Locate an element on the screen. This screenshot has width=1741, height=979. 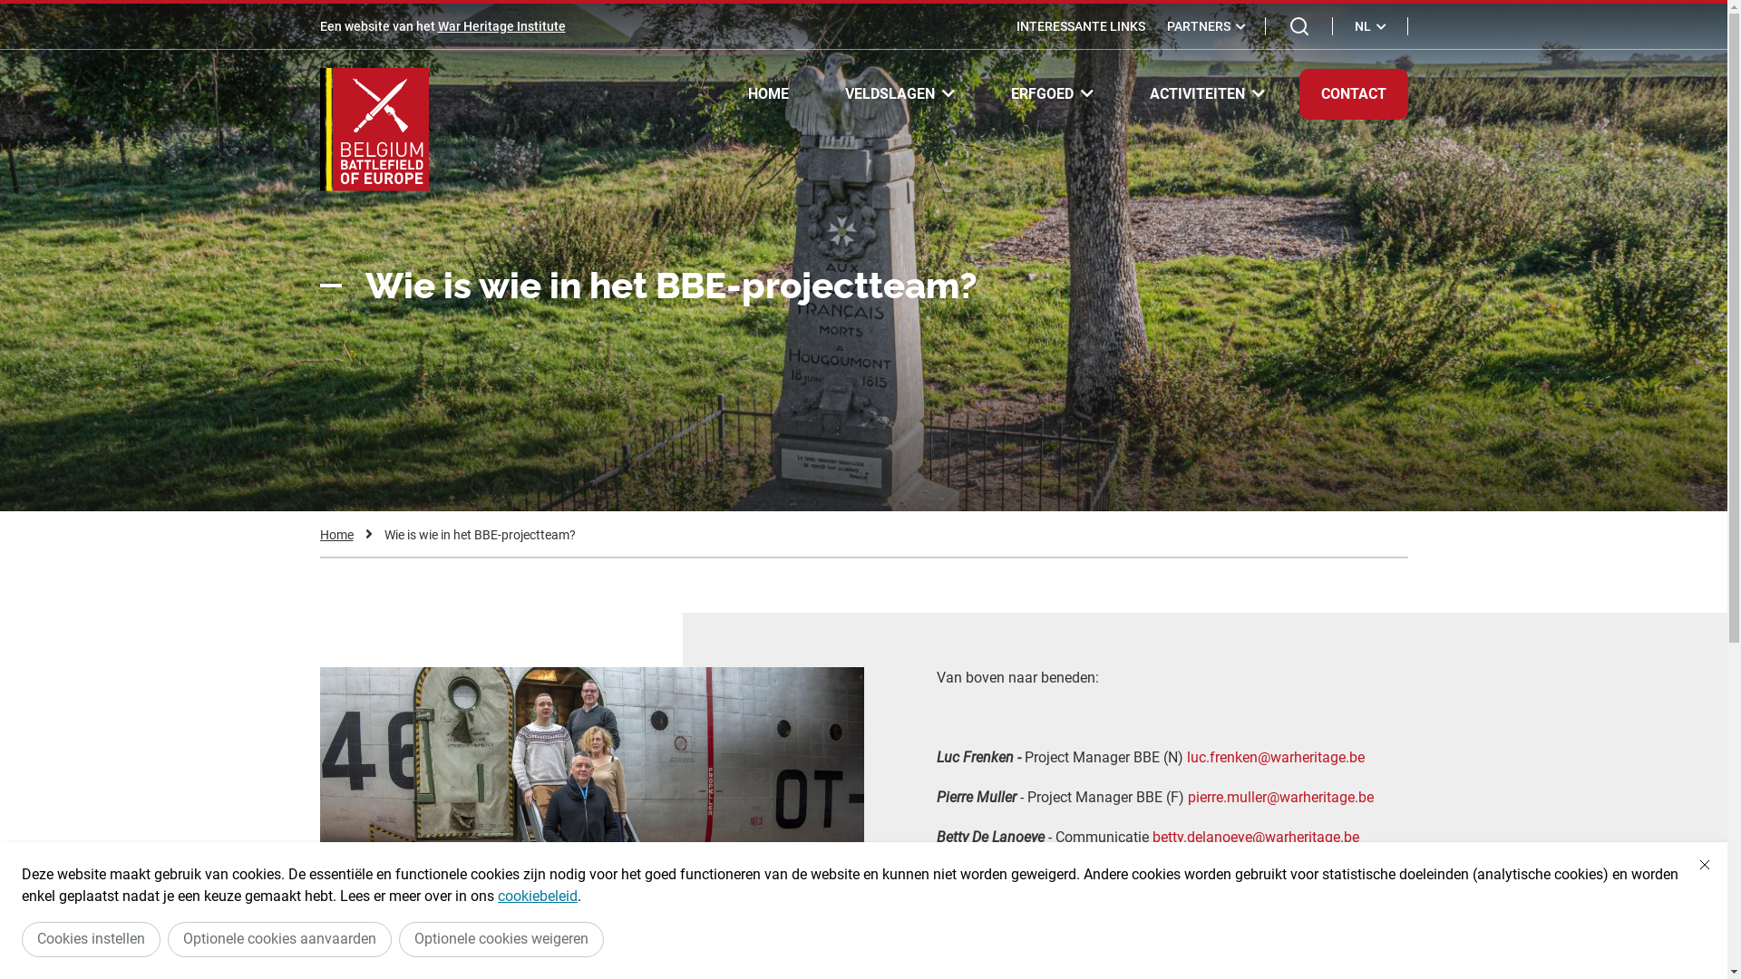
'War Heritage Institute' is located at coordinates (501, 26).